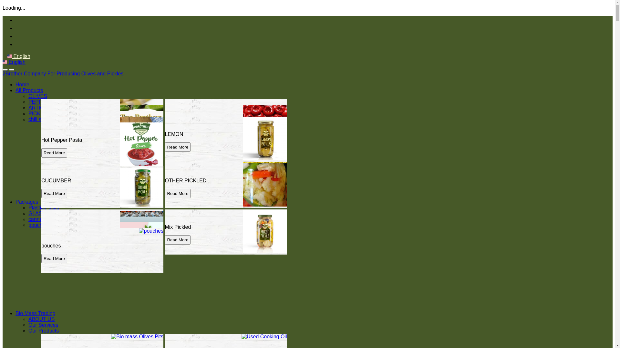 The width and height of the screenshot is (620, 348). I want to click on 'canned packs', so click(28, 219).